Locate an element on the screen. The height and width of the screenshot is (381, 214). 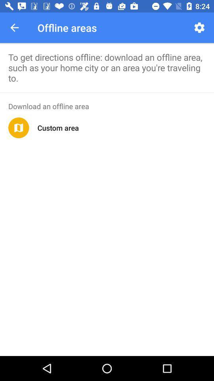
custom area app is located at coordinates (57, 128).